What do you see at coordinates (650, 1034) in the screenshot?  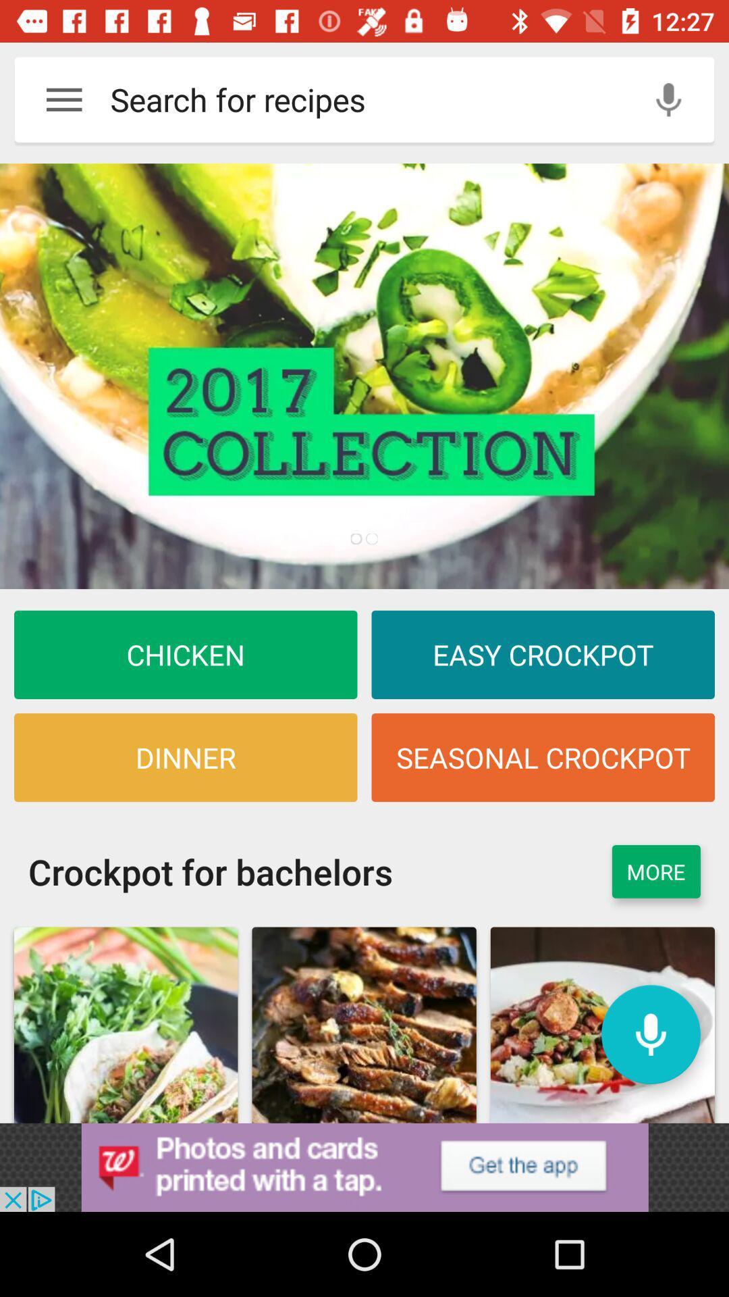 I see `record` at bounding box center [650, 1034].